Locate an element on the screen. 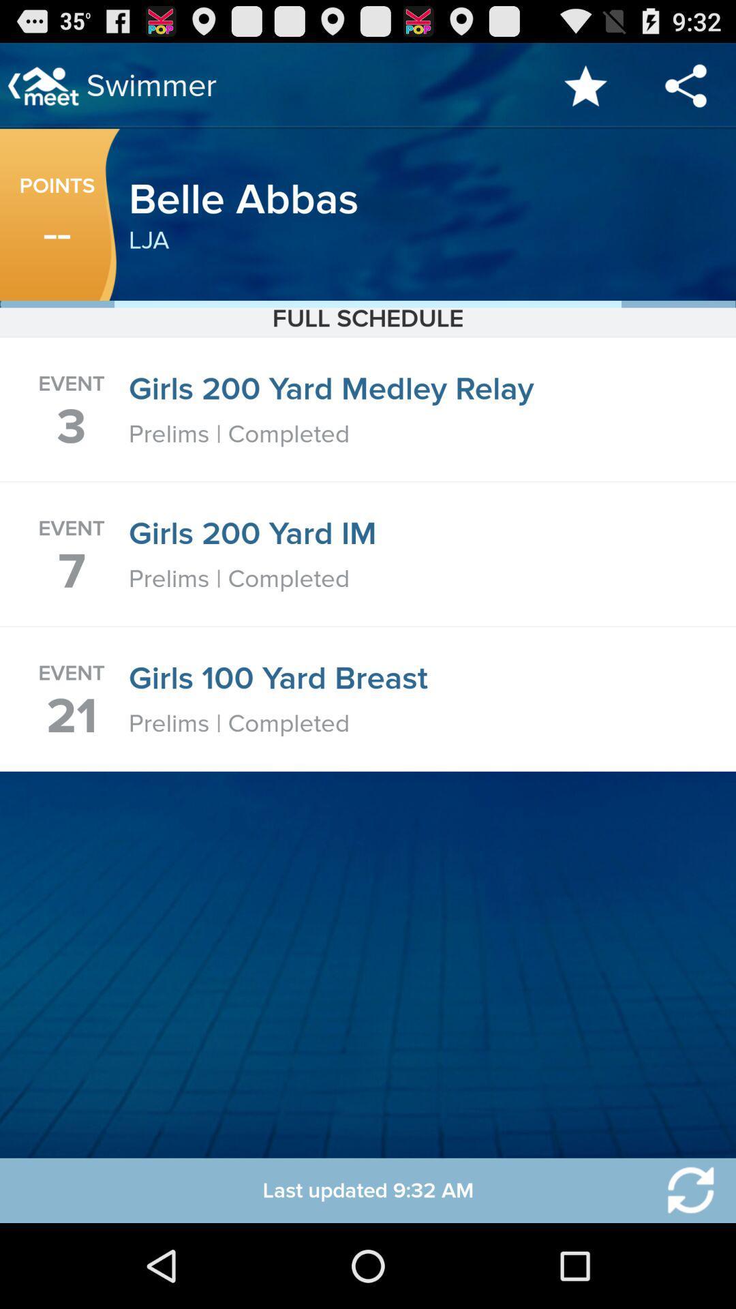 The image size is (736, 1309). reload current page is located at coordinates (682, 1190).